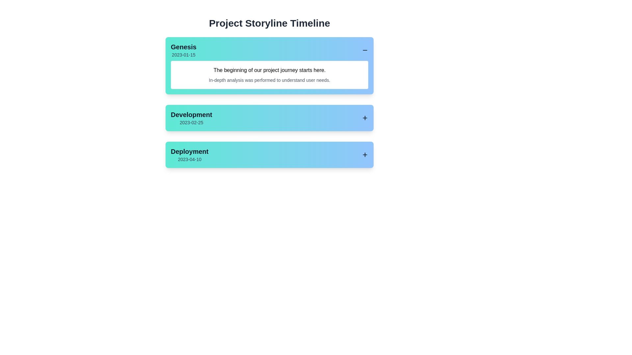 The width and height of the screenshot is (632, 355). Describe the element at coordinates (364, 50) in the screenshot. I see `the horizontal line icon resembling a minus sign located in the upper-right corner of the 'Genesis 2023-01-15' section` at that location.